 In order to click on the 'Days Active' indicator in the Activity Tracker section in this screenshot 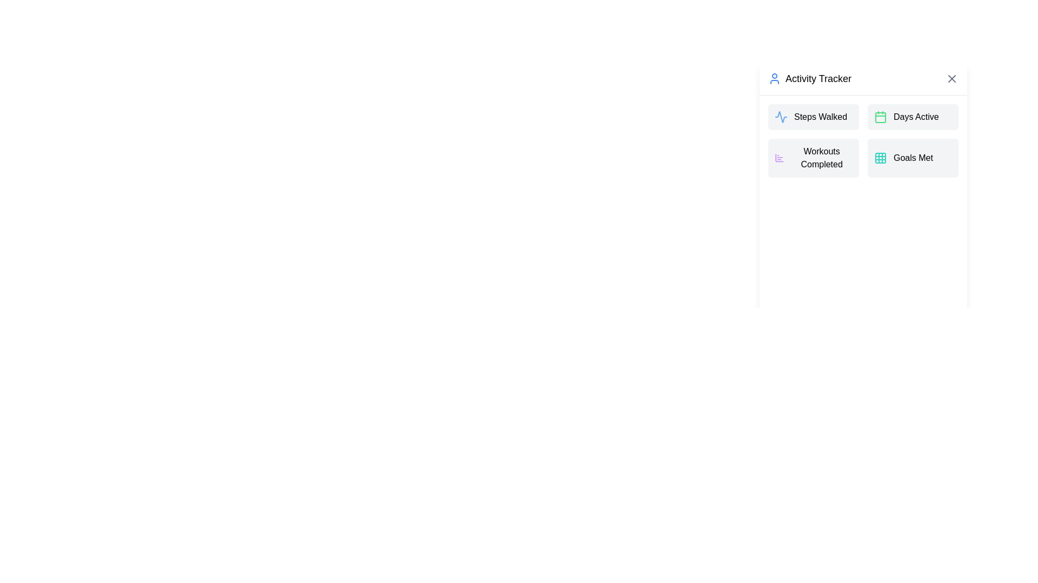, I will do `click(913, 117)`.